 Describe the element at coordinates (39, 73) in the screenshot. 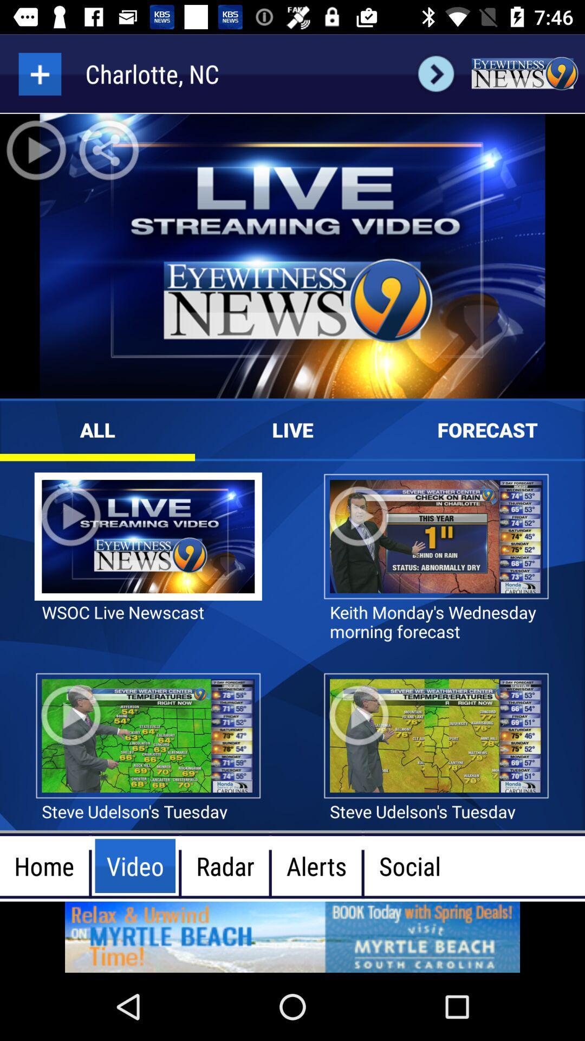

I see `location` at that location.